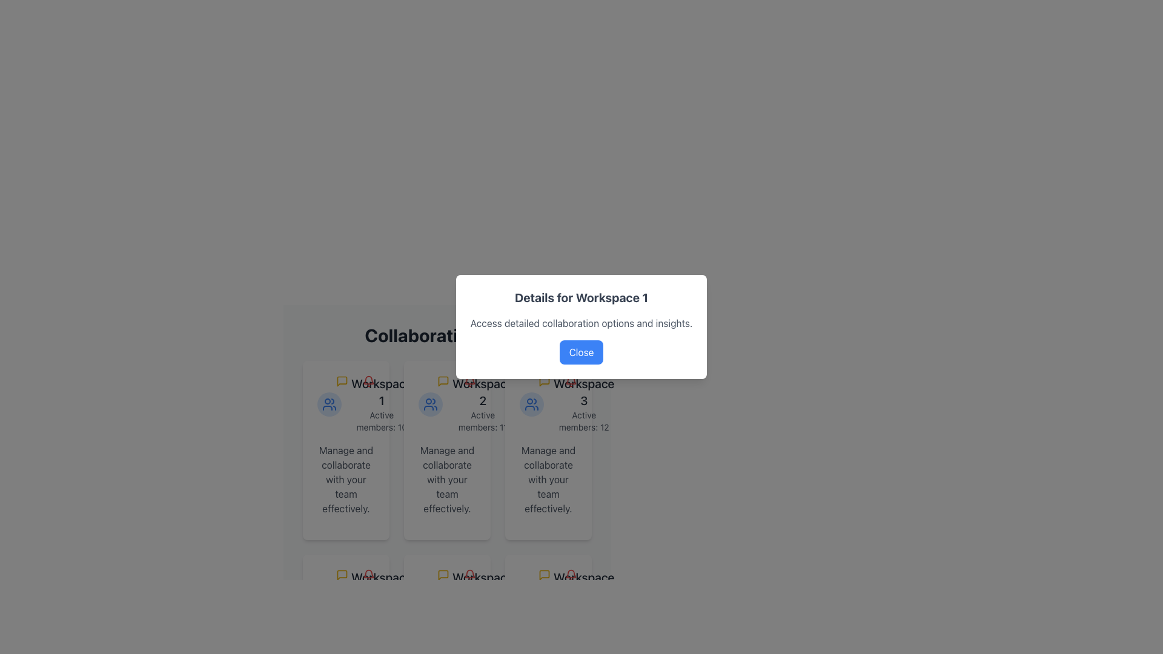 The height and width of the screenshot is (654, 1163). I want to click on the notification bell icon located at the top-right corner of the card labeled 'Workspace 1' to check for new alerts or messages specific to this workspace, so click(368, 380).